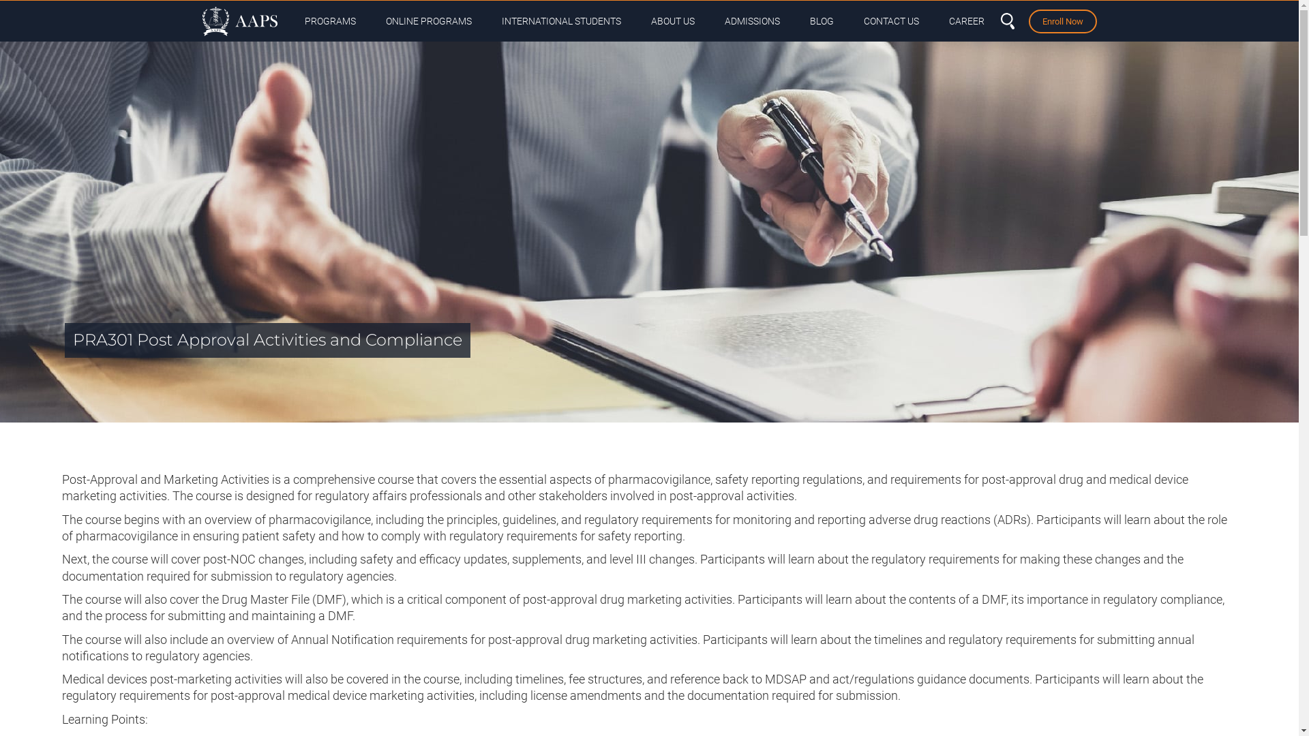 The height and width of the screenshot is (736, 1309). What do you see at coordinates (561, 20) in the screenshot?
I see `'INTERNATIONAL STUDENTS'` at bounding box center [561, 20].